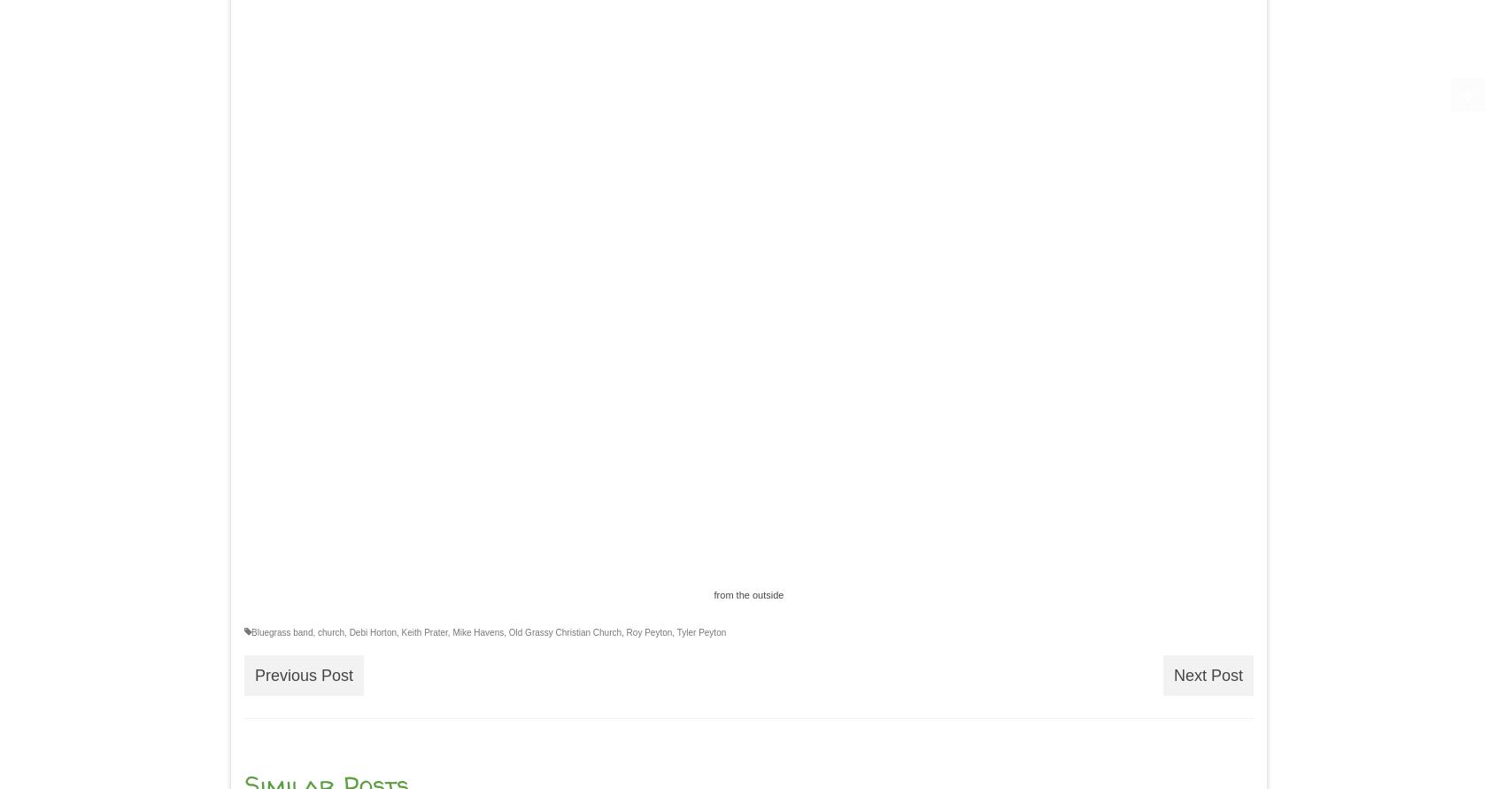 Image resolution: width=1498 pixels, height=789 pixels. I want to click on 'Next Post', so click(1208, 674).